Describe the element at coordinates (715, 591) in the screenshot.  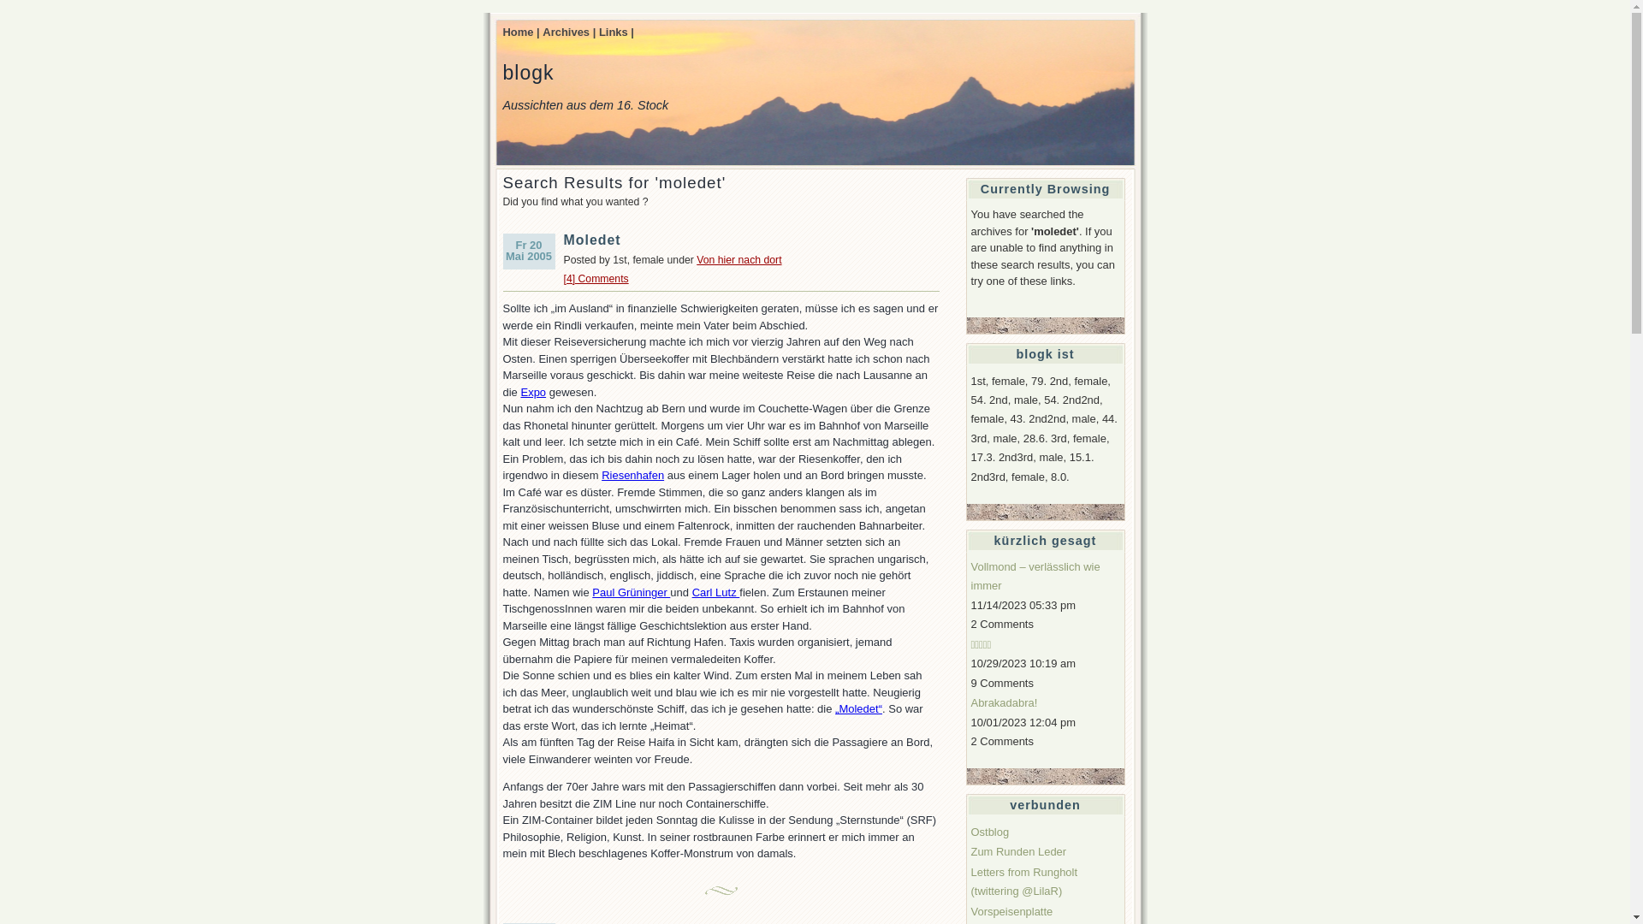
I see `'Carl Lutz'` at that location.